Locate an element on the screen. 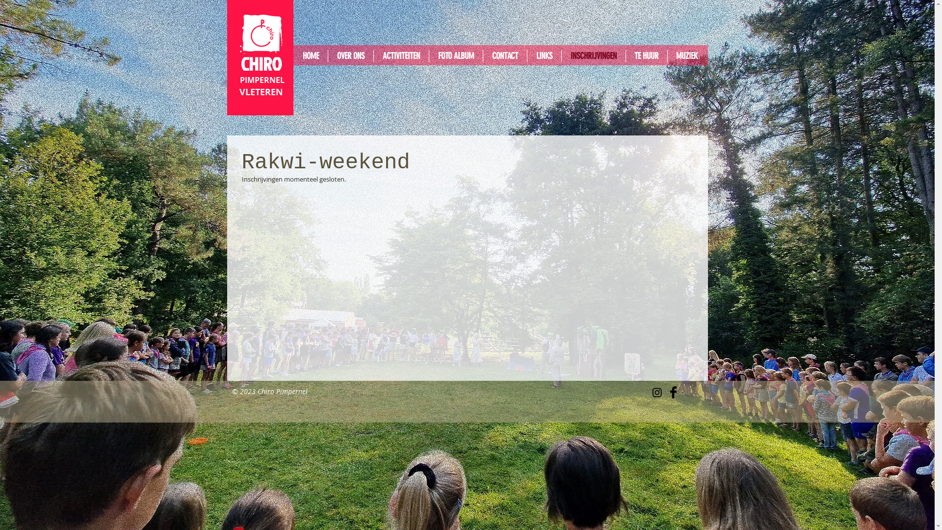 This screenshot has height=530, width=942. 'Logo white.png' is located at coordinates (239, 33).